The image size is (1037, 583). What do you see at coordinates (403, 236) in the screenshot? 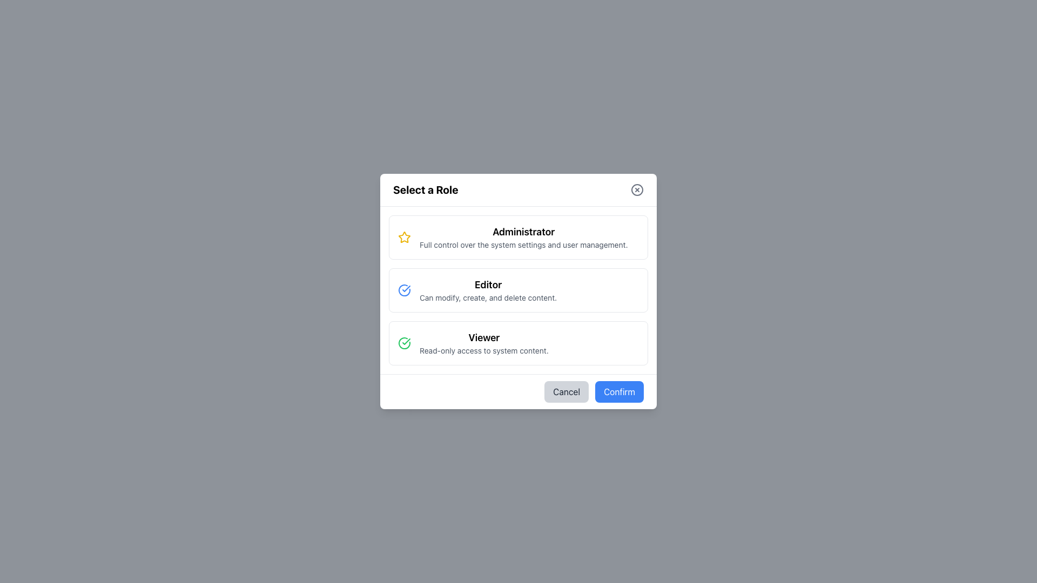
I see `the yellow star icon located in the 'Administrator' panel, which indicates full control over the system settings and user management` at bounding box center [403, 236].